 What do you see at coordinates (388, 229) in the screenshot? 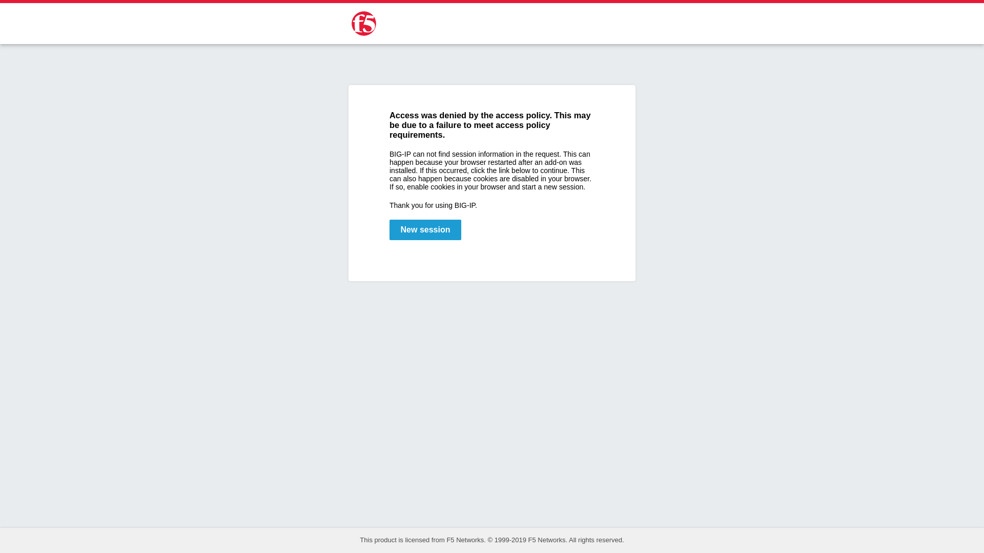
I see `'New session'` at bounding box center [388, 229].